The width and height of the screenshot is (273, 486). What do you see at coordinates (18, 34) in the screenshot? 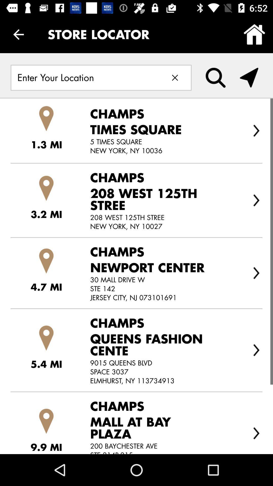
I see `the icon next to store locator icon` at bounding box center [18, 34].